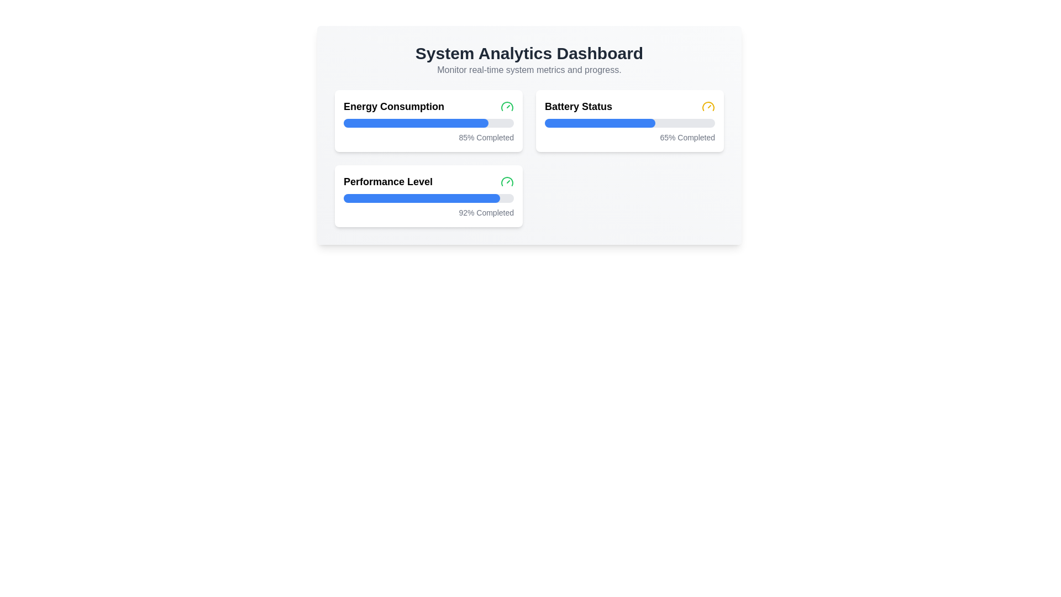  I want to click on the card component surrounding the 'Energy Consumption' title text, which is located at the top-left part of the card, so click(428, 106).